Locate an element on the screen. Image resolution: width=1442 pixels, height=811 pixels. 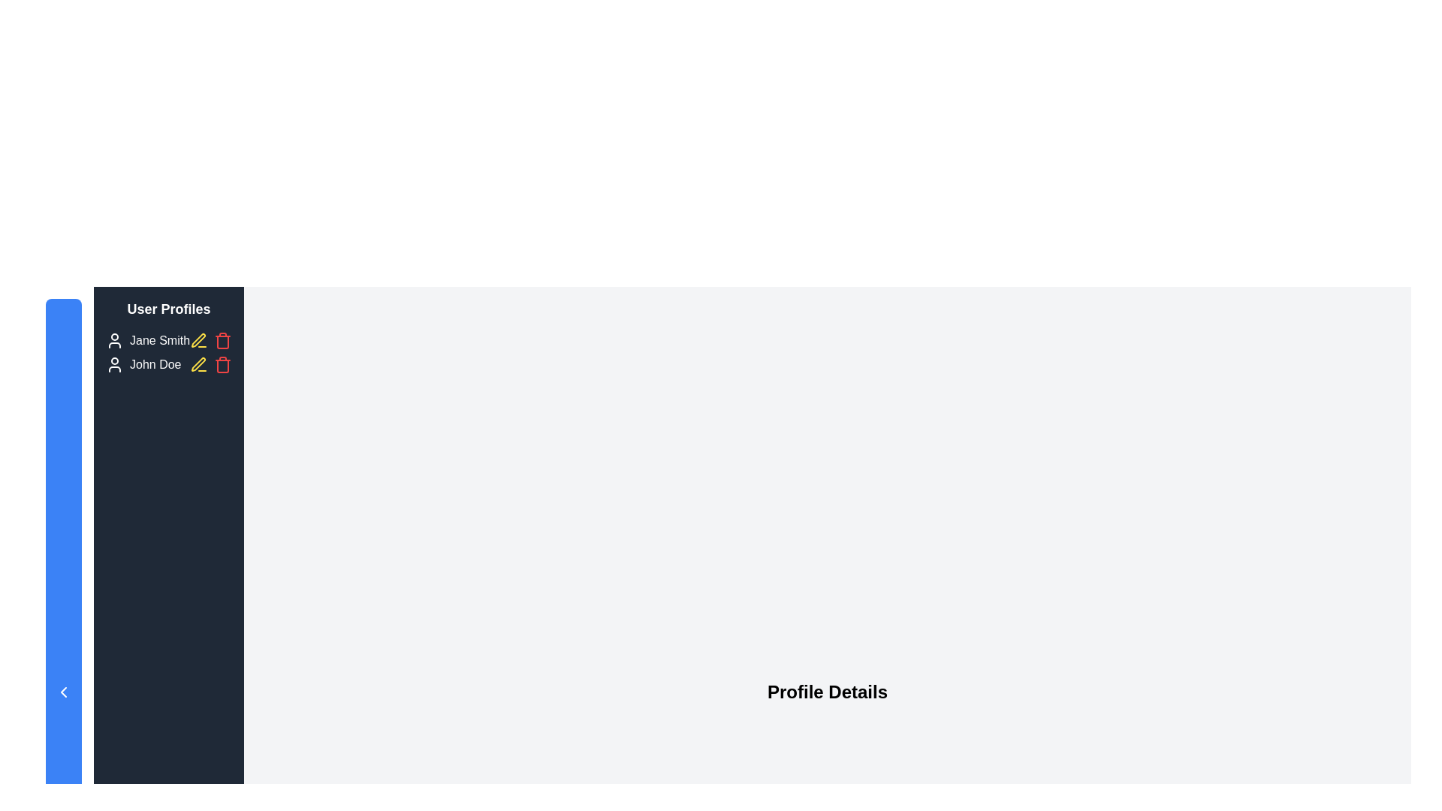
the user profile entry labeled 'John Doe' in the left sidebar is located at coordinates (169, 365).